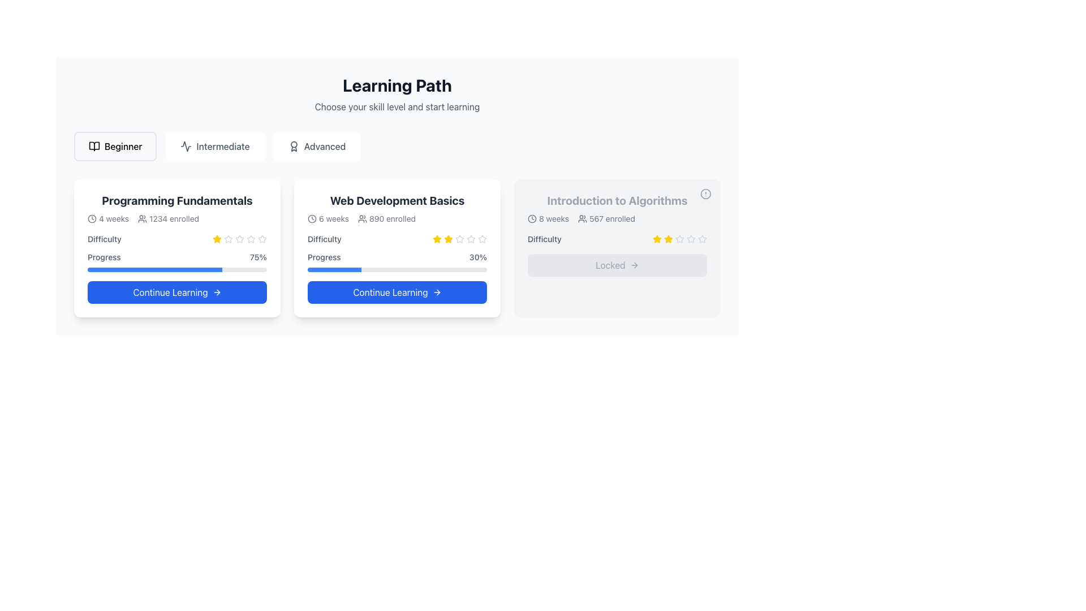 This screenshot has height=611, width=1086. I want to click on the sixth gray star icon in the rating component under the 'Web Development Basics' section, so click(471, 239).